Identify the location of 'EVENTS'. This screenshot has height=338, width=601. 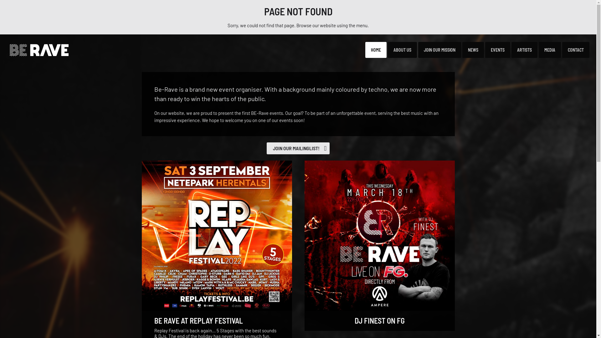
(497, 49).